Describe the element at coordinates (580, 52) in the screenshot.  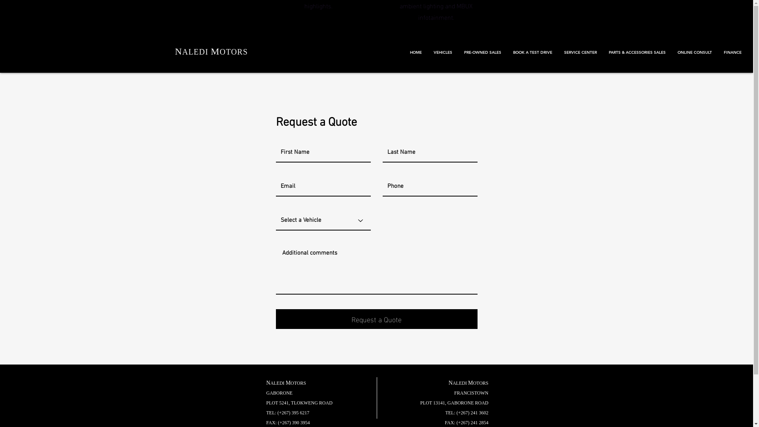
I see `'SERVICE CENTER'` at that location.